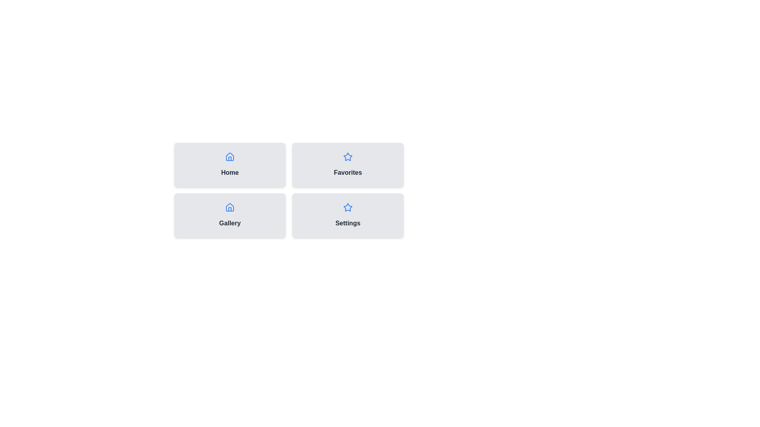 The width and height of the screenshot is (760, 427). What do you see at coordinates (229, 223) in the screenshot?
I see `the 'Gallery' text label, which is centrally positioned at the bottom of its card and below a blue house icon` at bounding box center [229, 223].